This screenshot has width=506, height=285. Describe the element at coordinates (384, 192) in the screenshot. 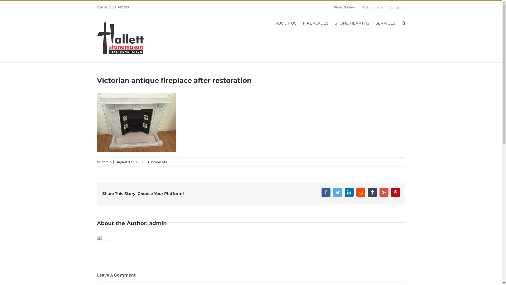

I see `'Google+'` at that location.